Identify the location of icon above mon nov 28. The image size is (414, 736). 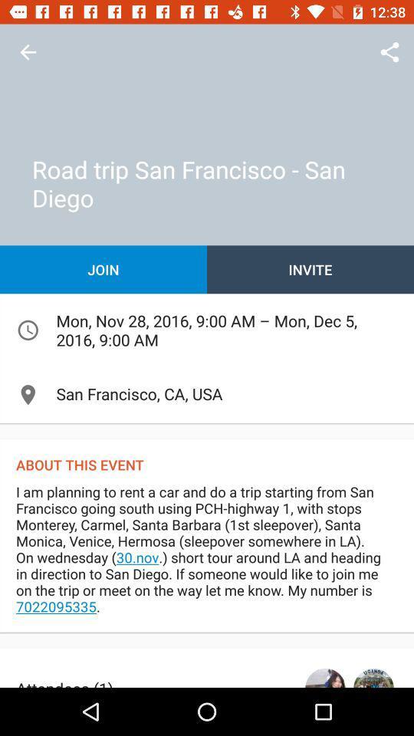
(103, 269).